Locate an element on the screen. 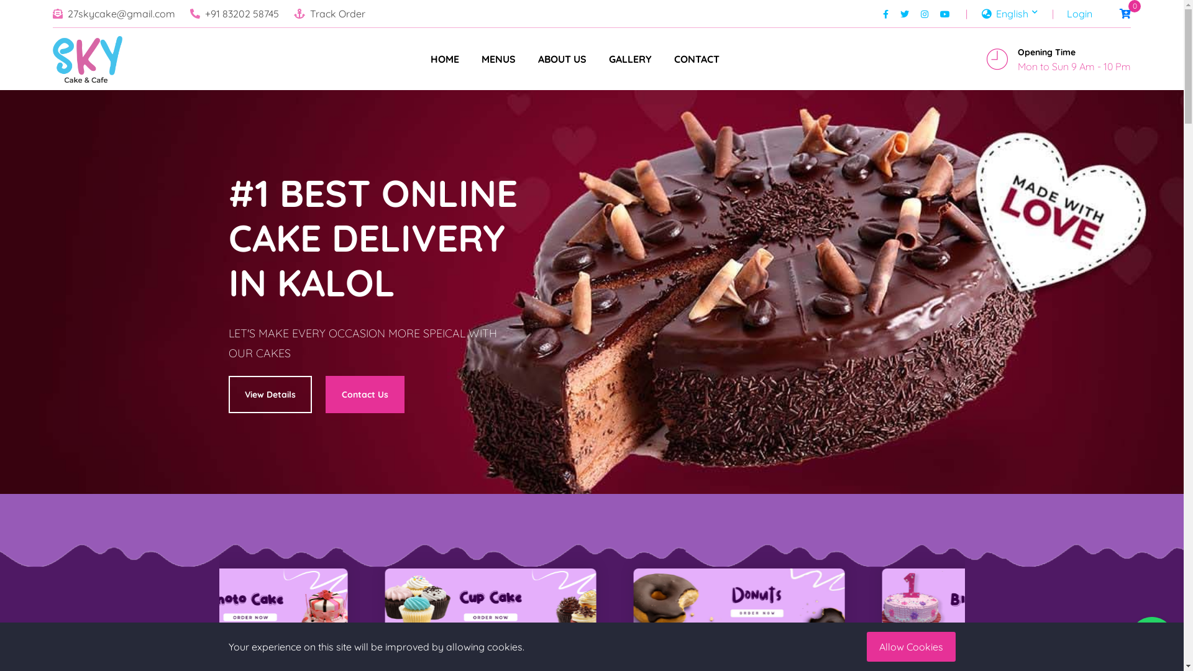 The width and height of the screenshot is (1193, 671). '+91 83202 58745' is located at coordinates (242, 14).